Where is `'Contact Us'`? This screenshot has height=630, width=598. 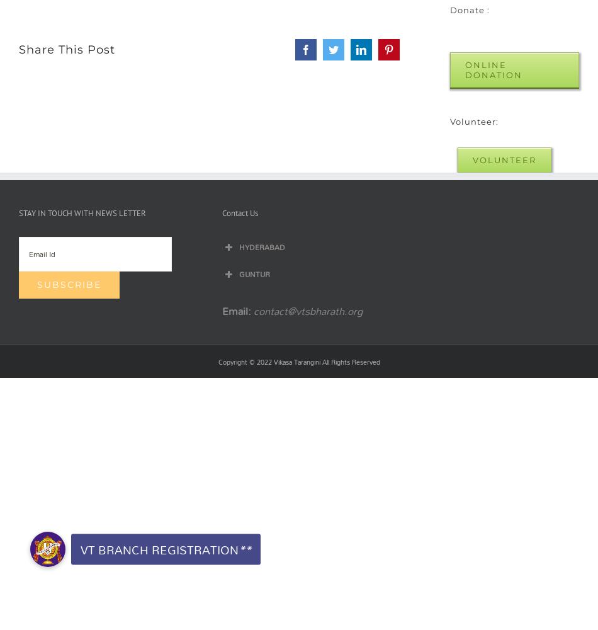 'Contact Us' is located at coordinates (239, 212).